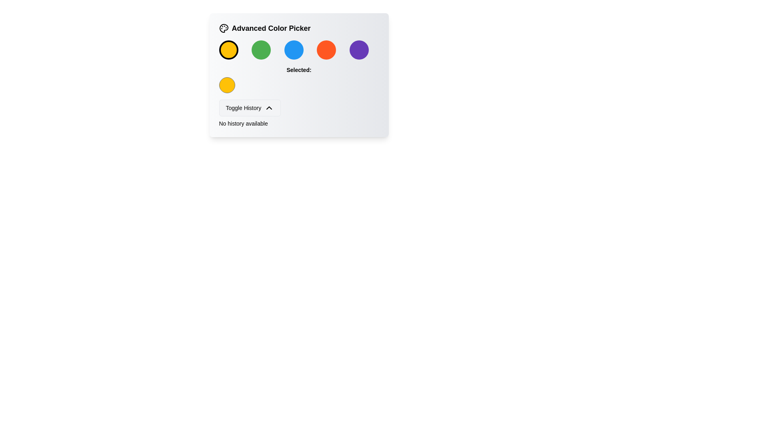  Describe the element at coordinates (298, 28) in the screenshot. I see `the 'Advanced Color Picker' header that features a bold title and a small palette icon on its left side` at that location.